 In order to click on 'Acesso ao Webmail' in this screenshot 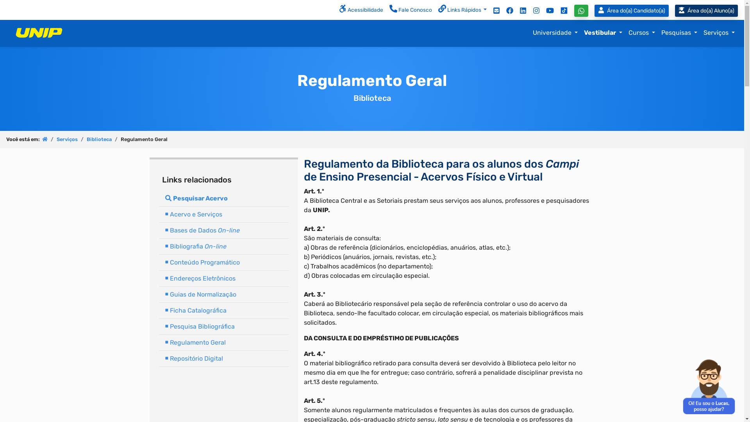, I will do `click(496, 10)`.